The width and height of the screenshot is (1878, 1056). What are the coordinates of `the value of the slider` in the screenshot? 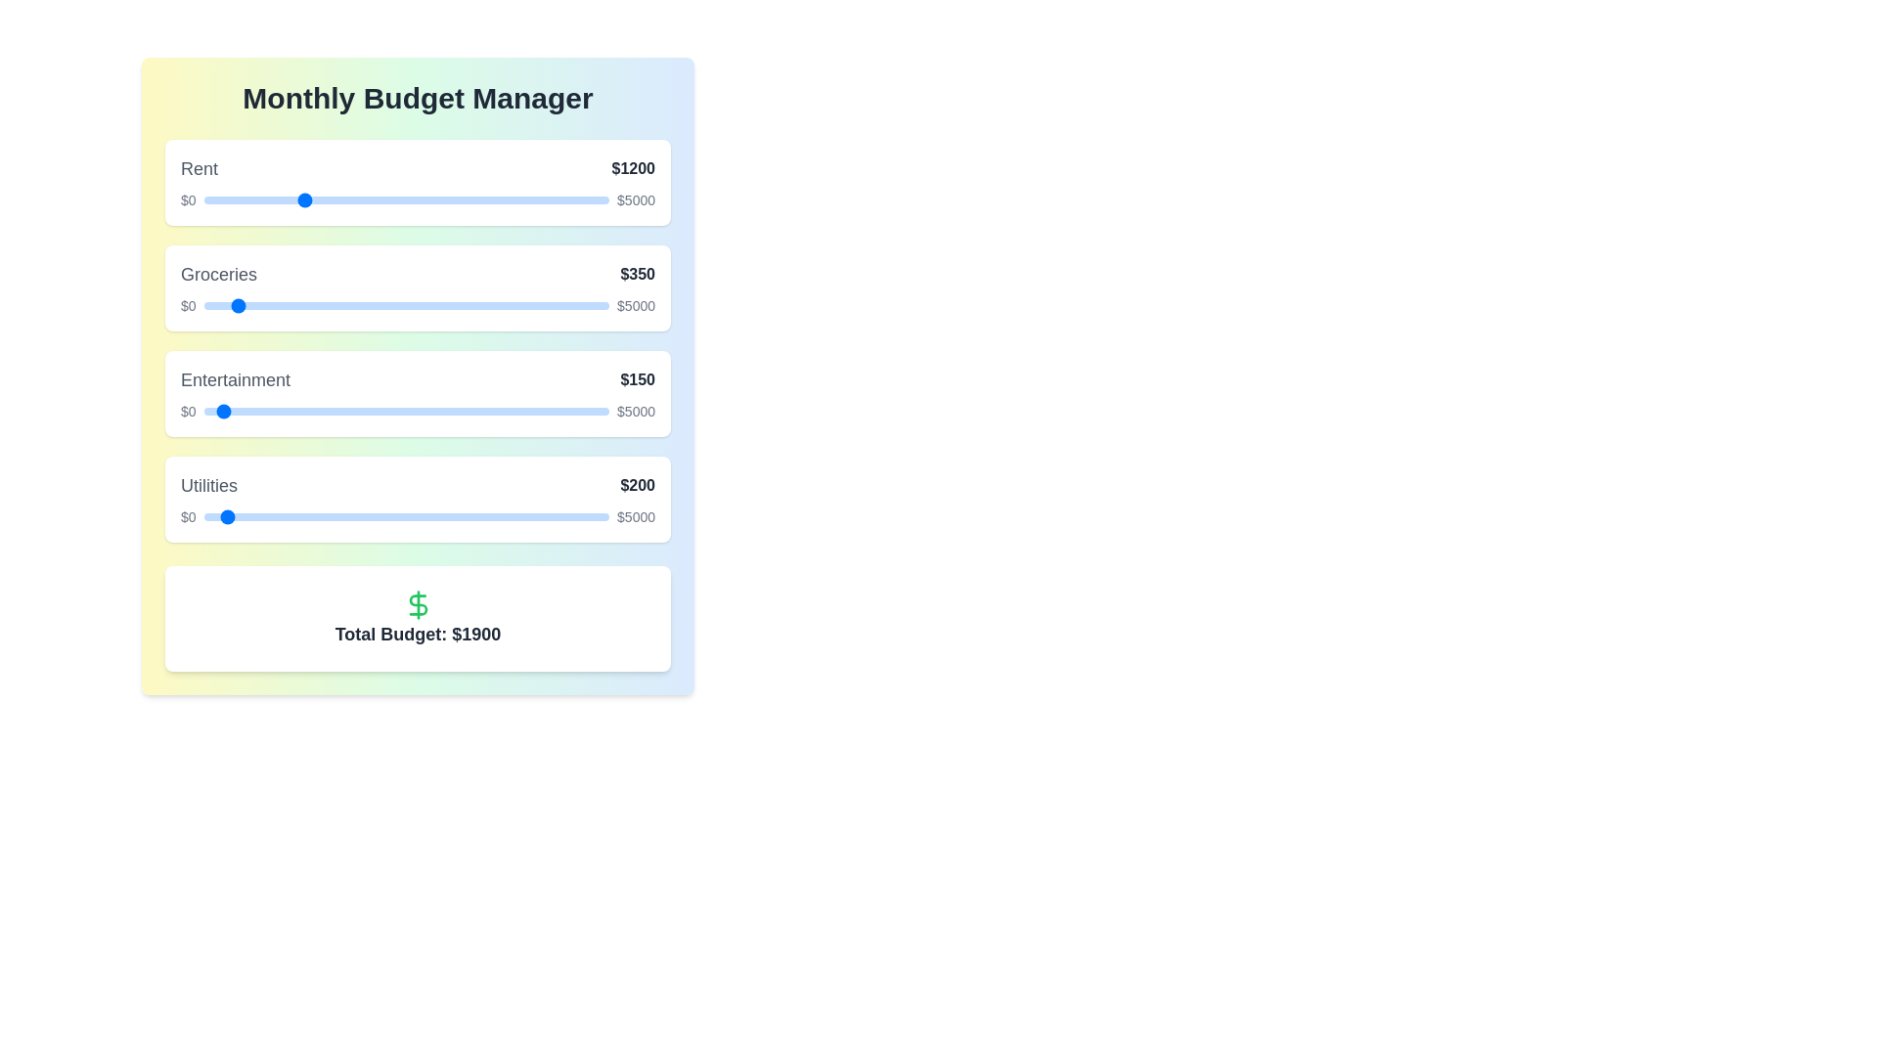 It's located at (475, 410).